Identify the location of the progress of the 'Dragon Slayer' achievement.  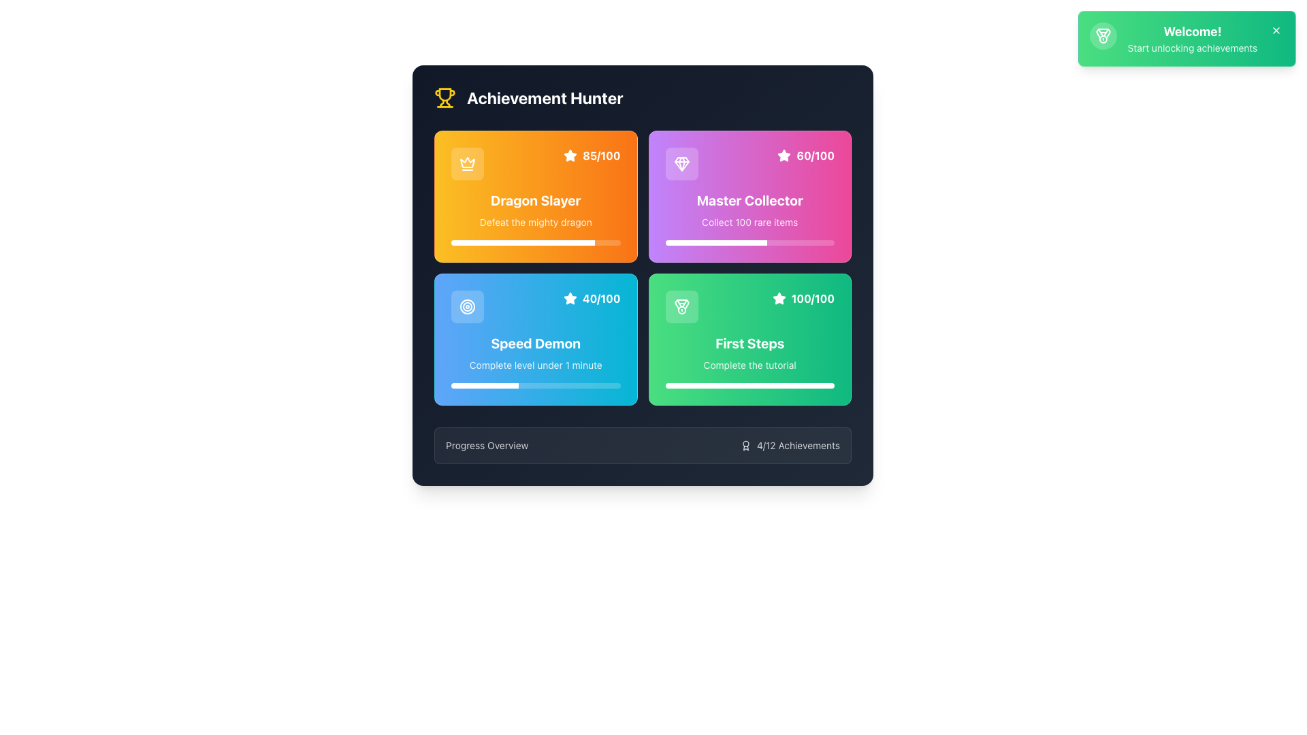
(505, 242).